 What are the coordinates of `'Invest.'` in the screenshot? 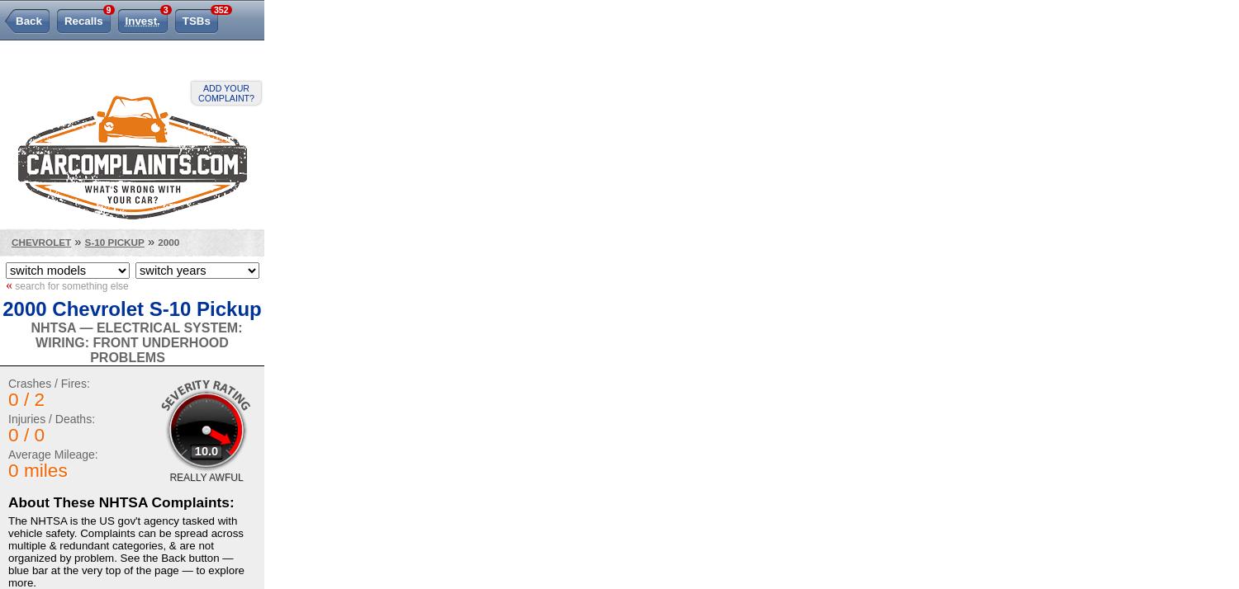 It's located at (142, 21).